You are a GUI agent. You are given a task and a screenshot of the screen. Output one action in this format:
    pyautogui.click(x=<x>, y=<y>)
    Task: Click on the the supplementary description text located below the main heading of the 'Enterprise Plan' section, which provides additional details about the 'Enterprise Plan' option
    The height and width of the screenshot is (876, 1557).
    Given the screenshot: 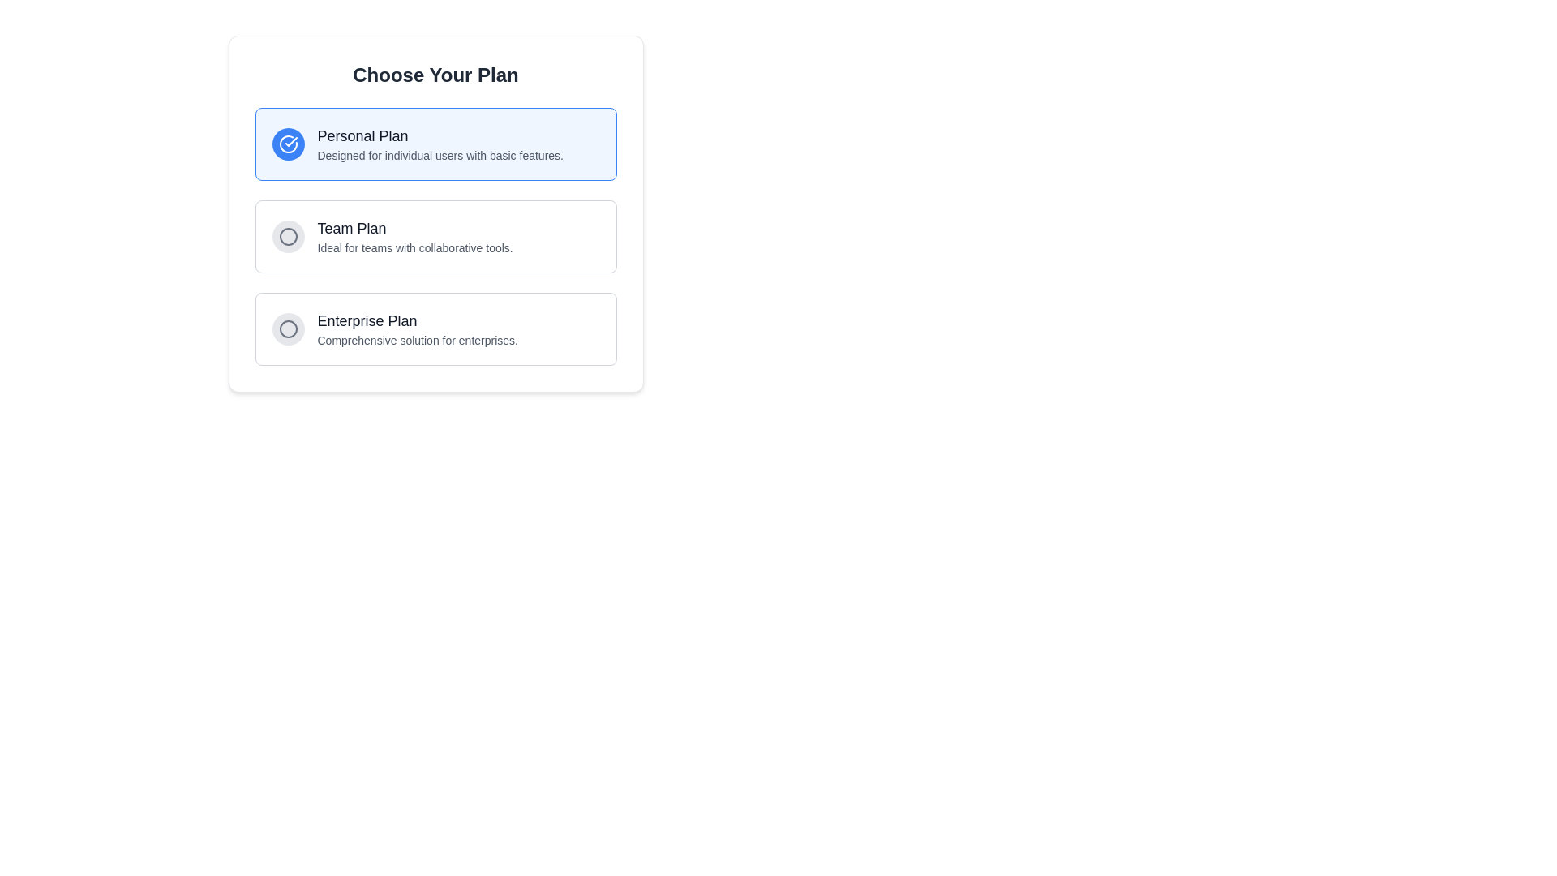 What is the action you would take?
    pyautogui.click(x=418, y=340)
    